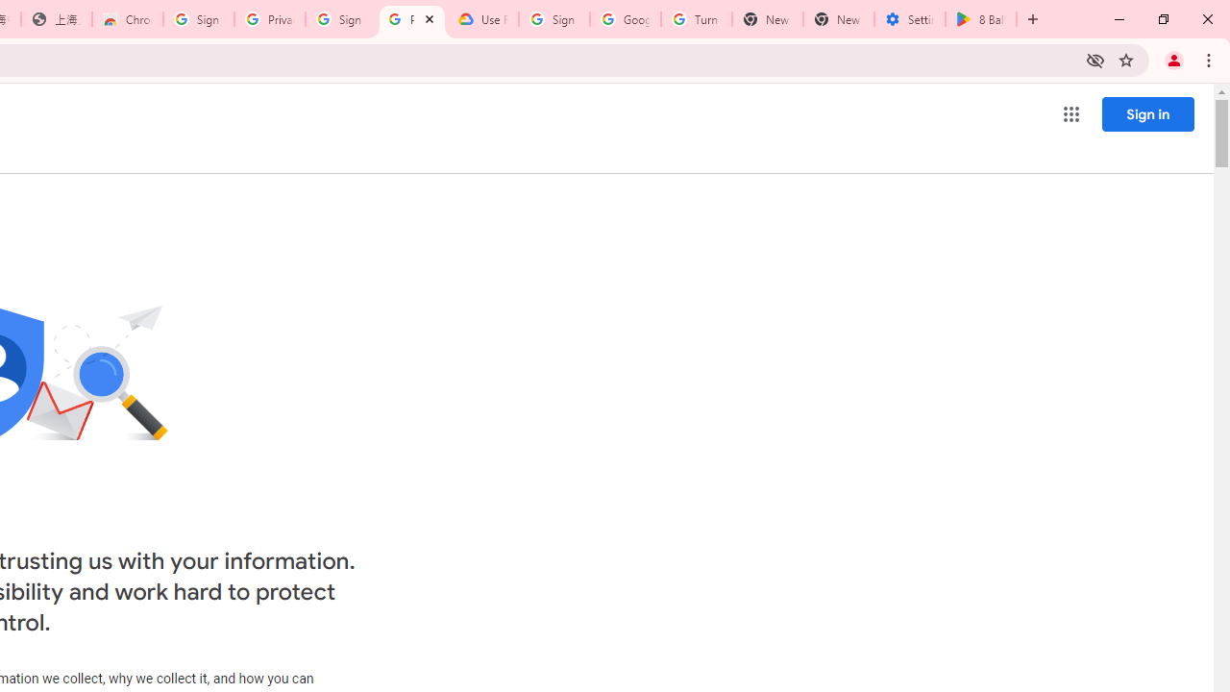 This screenshot has width=1230, height=692. Describe the element at coordinates (838, 19) in the screenshot. I see `'New Tab'` at that location.